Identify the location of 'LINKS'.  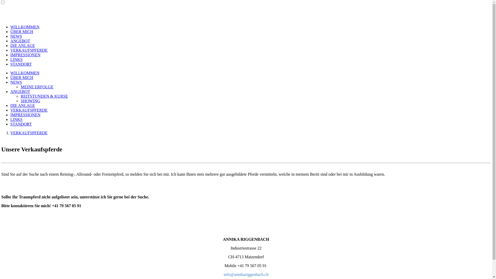
(10, 119).